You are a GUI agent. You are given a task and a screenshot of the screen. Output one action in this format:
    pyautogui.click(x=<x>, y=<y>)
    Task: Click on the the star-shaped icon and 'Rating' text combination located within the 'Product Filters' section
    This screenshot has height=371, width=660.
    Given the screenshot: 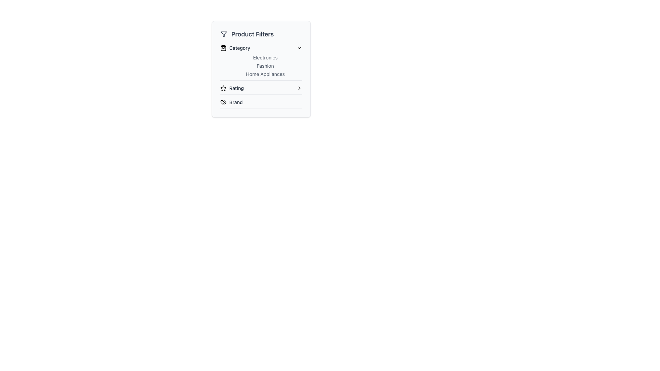 What is the action you would take?
    pyautogui.click(x=232, y=88)
    